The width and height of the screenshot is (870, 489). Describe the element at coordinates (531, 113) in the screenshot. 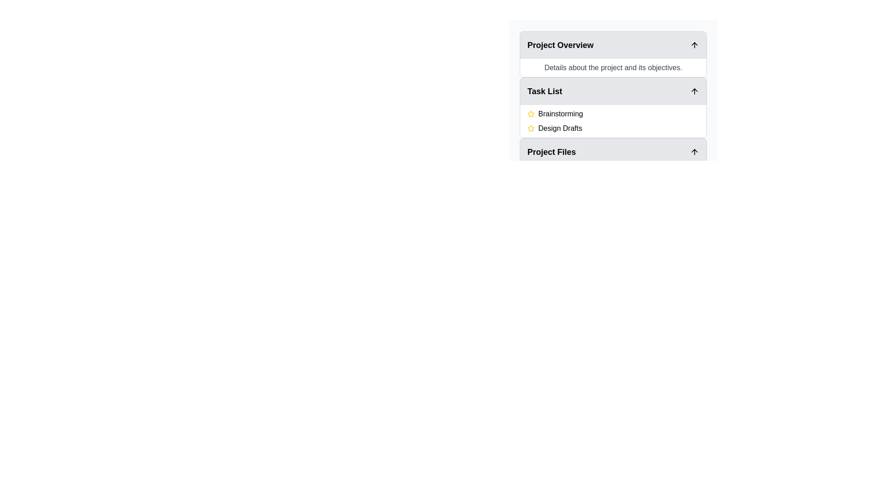

I see `the yellow star icon with an outline style located to the left of the 'Brainstorming' text in the task list panel` at that location.